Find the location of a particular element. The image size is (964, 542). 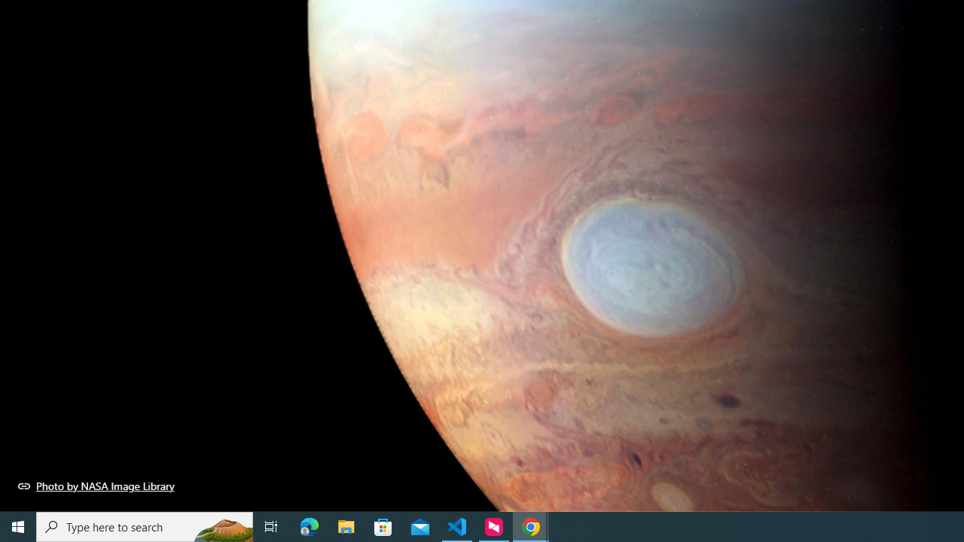

'Photo by NASA Image Library' is located at coordinates (96, 486).